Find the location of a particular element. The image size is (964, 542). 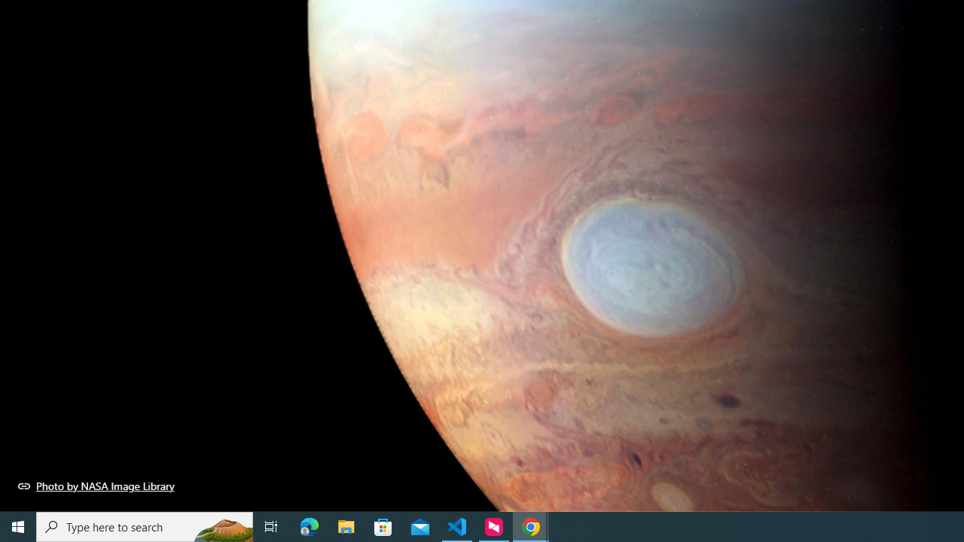

'Photo by NASA Image Library' is located at coordinates (96, 486).